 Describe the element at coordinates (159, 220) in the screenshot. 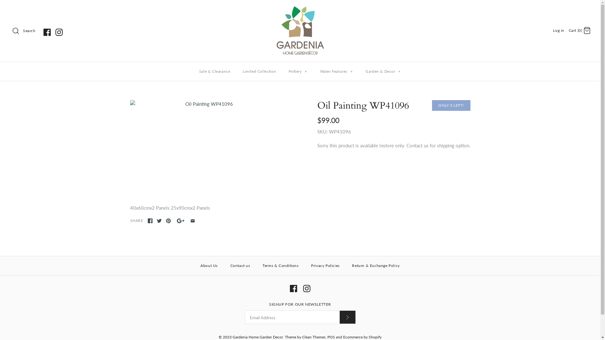

I see `'Twitter'` at that location.